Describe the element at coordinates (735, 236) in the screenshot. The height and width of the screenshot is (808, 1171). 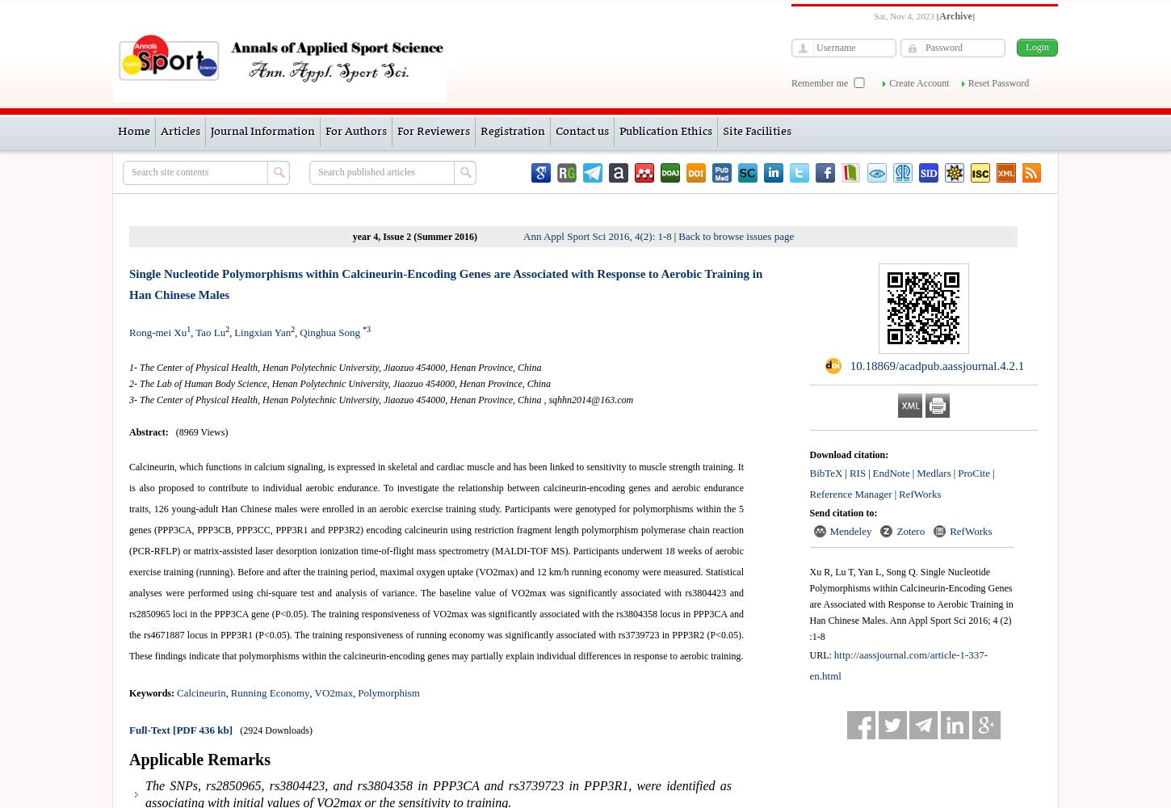
I see `'Back to browse issues page'` at that location.